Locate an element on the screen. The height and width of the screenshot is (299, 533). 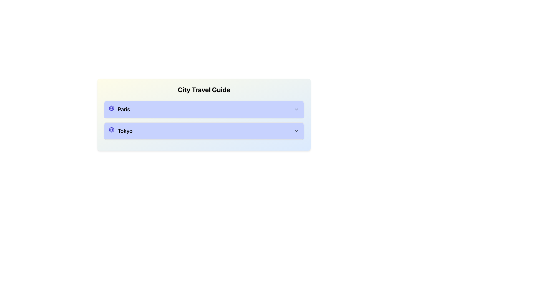
the second clickable list item labeled 'Tokyo' in the 'City Travel Guide' is located at coordinates (203, 131).